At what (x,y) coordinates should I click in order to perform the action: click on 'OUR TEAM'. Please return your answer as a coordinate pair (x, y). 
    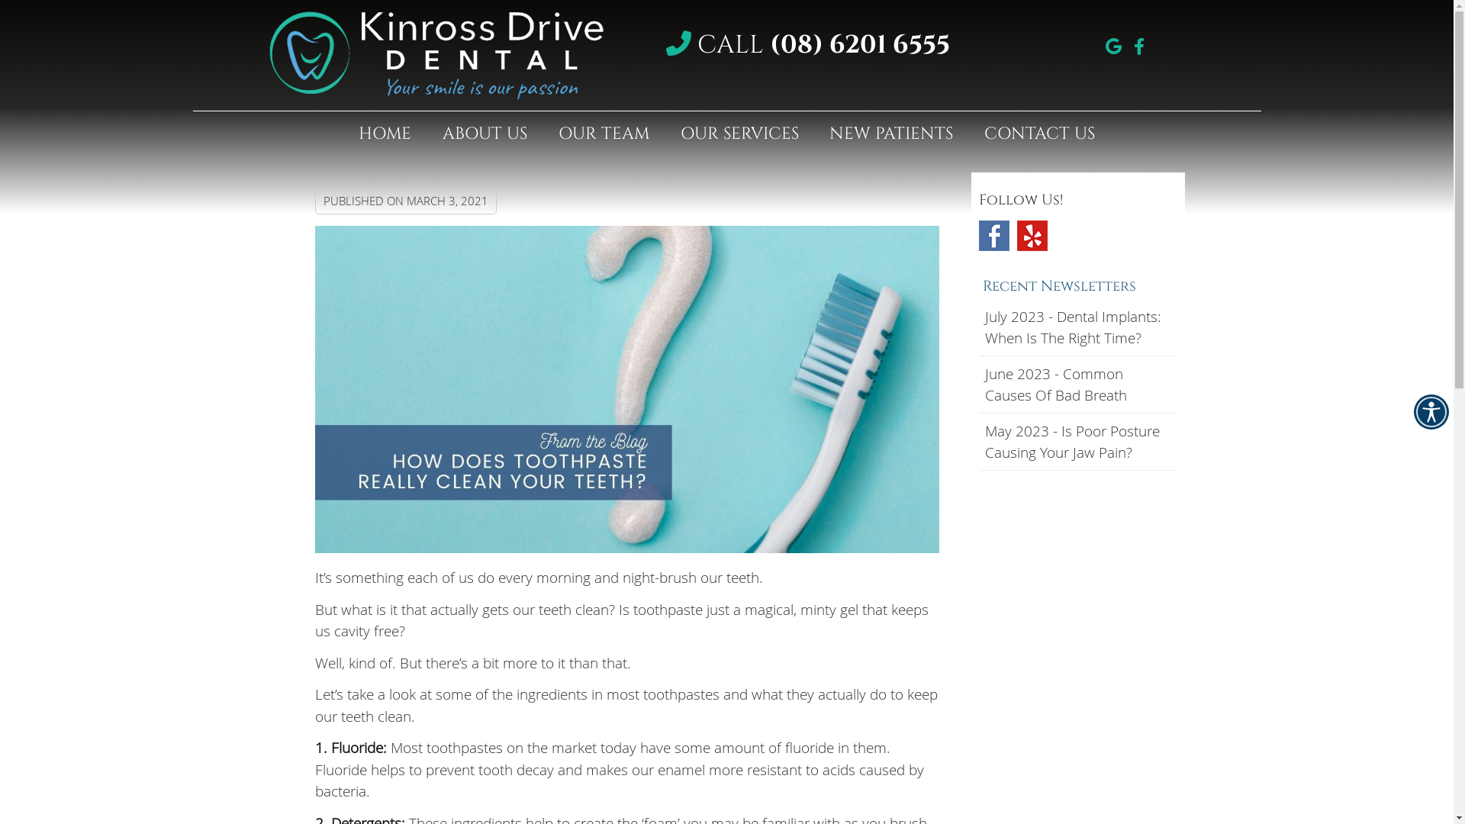
    Looking at the image, I should click on (604, 134).